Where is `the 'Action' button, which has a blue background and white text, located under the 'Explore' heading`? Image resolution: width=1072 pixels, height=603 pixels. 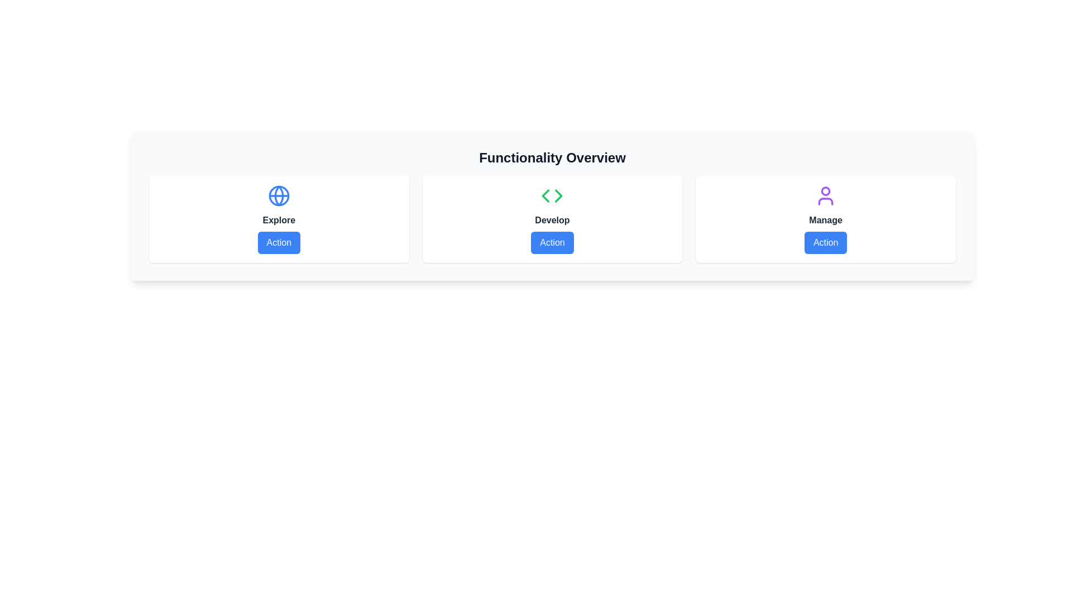
the 'Action' button, which has a blue background and white text, located under the 'Explore' heading is located at coordinates (279, 242).